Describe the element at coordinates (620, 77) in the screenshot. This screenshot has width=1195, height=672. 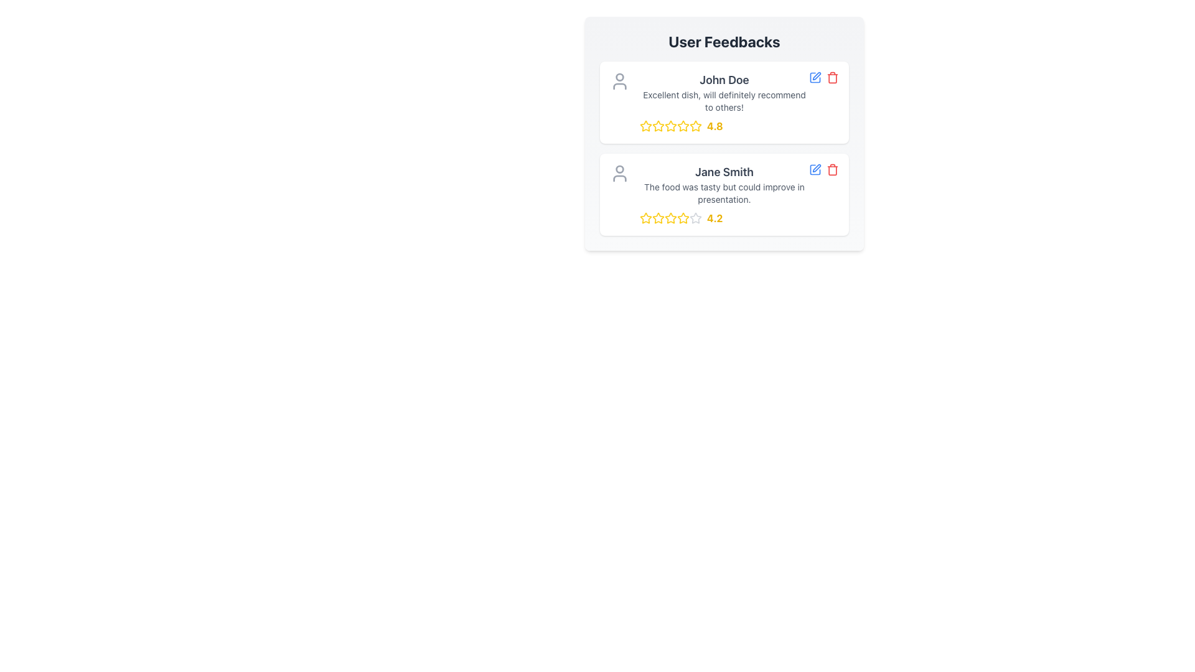
I see `the SVG Circle that represents the head in the user profile icon located next to 'John Doe' in the first feedback card under 'User Feedbacks'` at that location.